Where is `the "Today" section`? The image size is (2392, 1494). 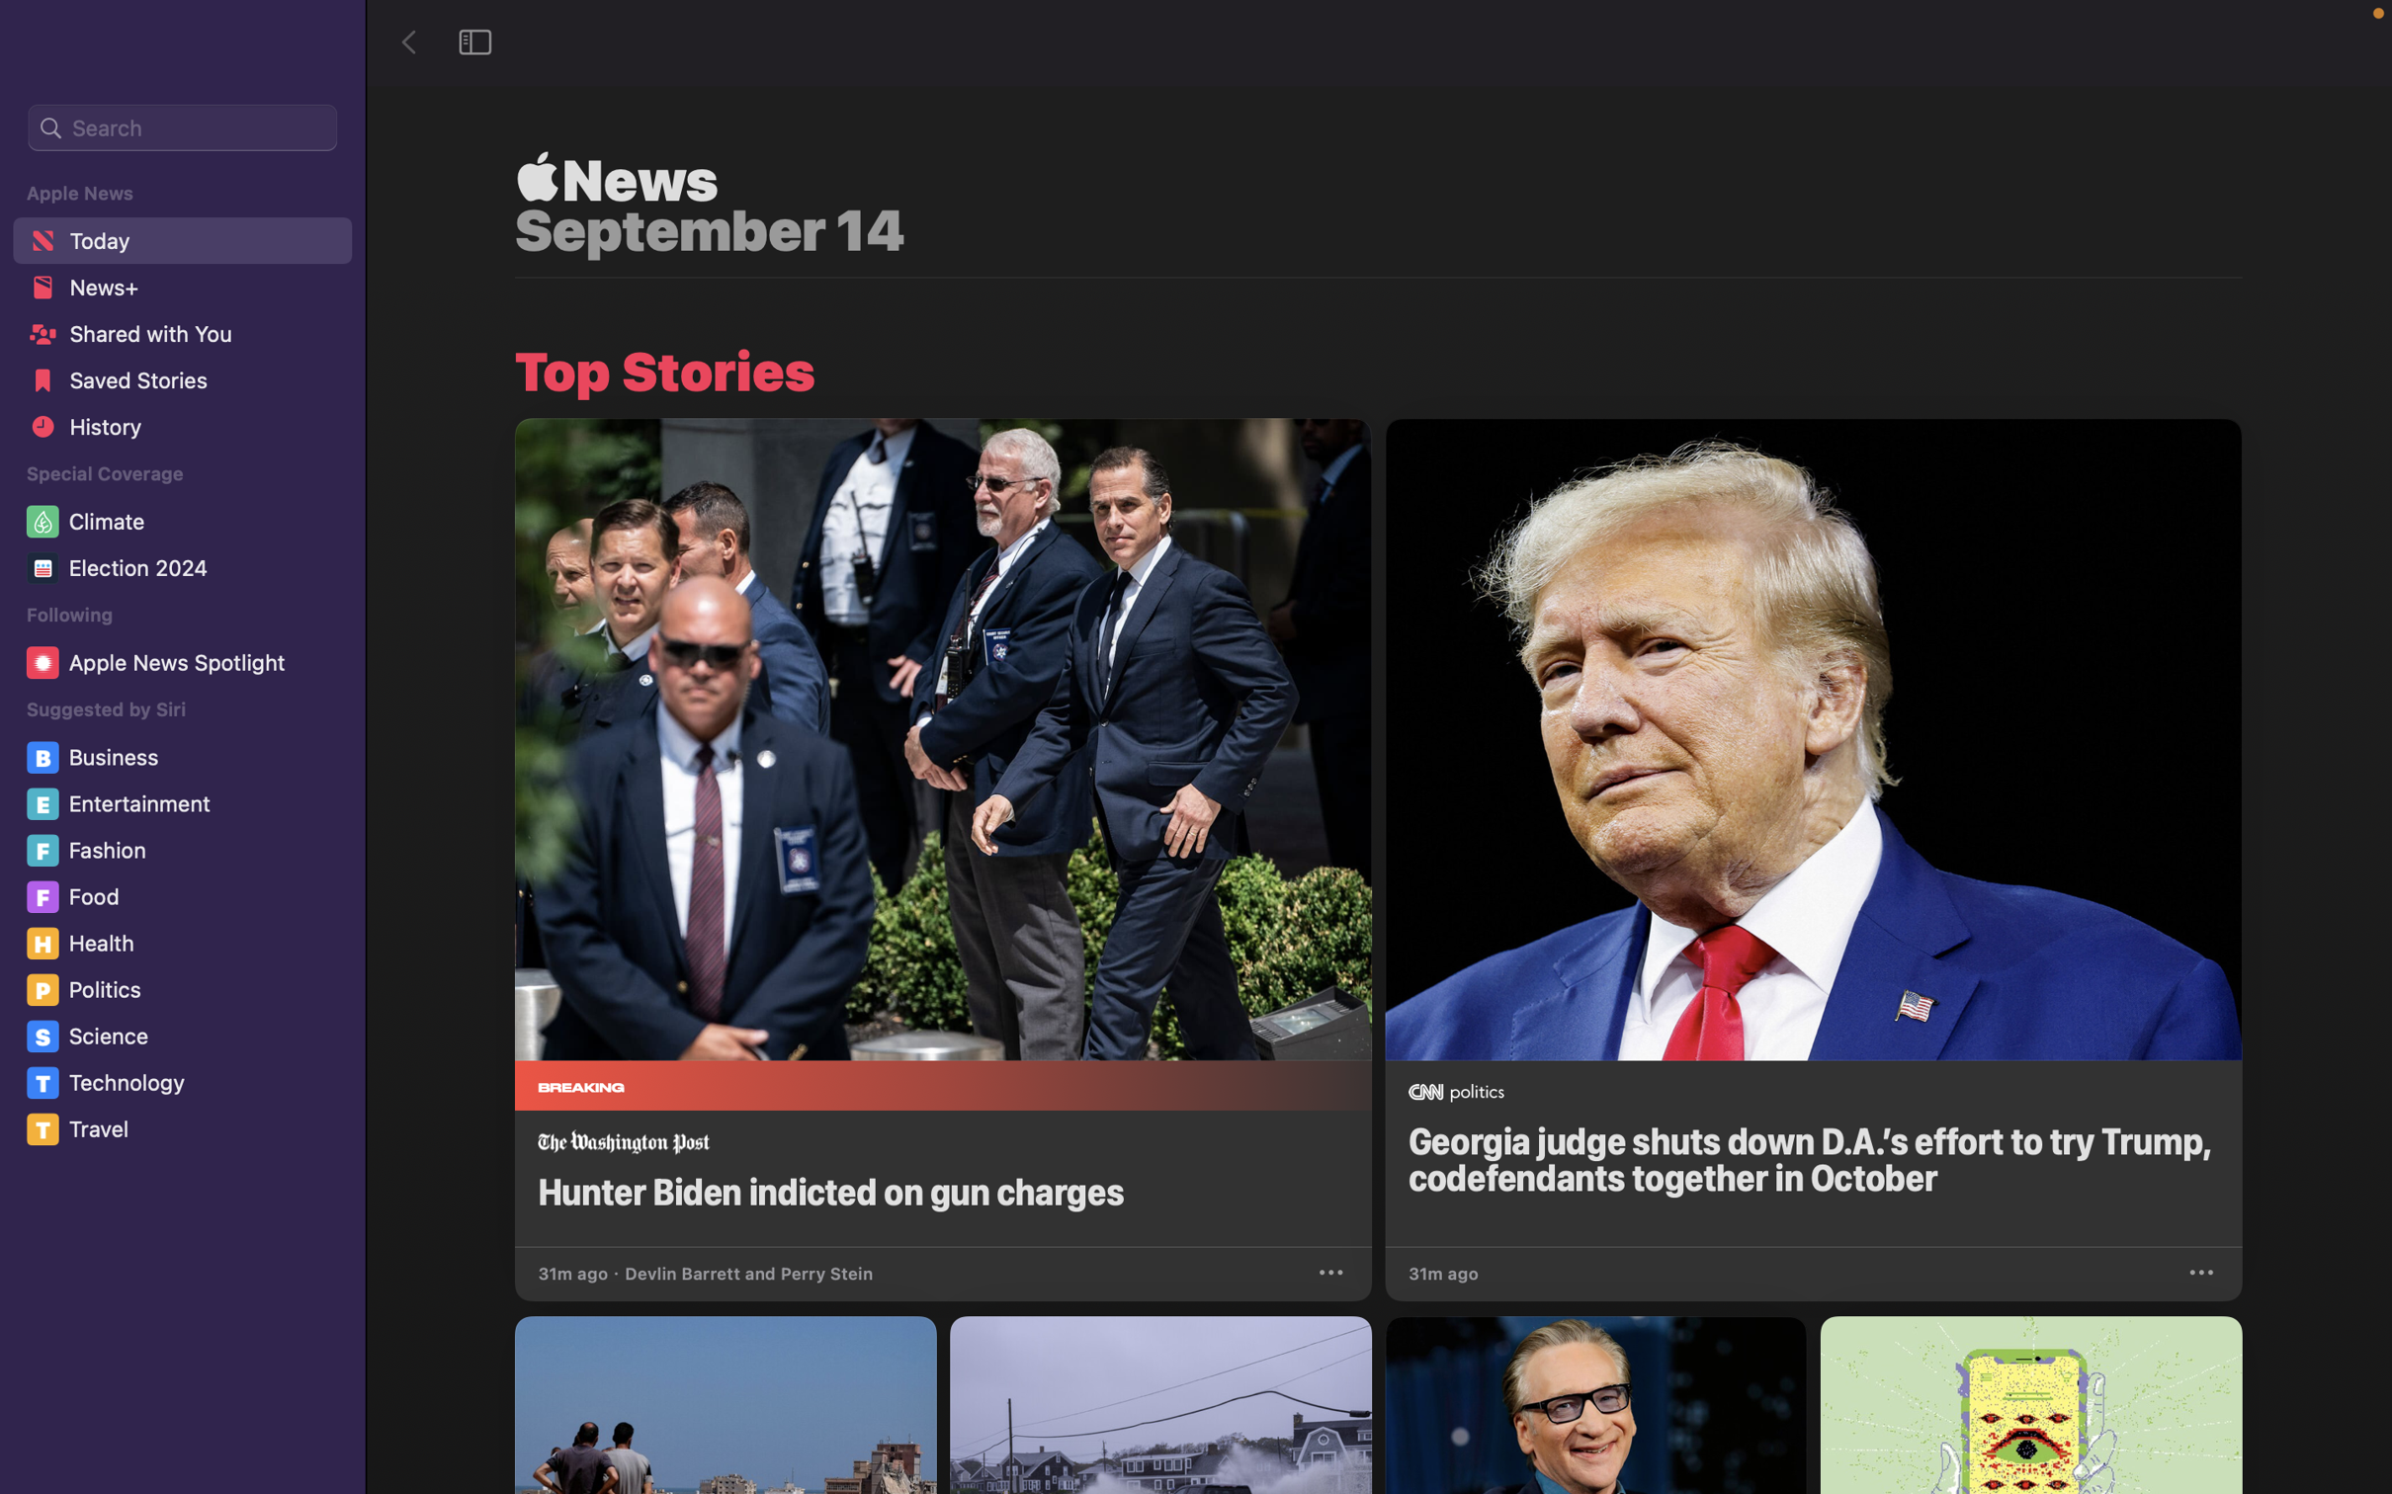
the "Today" section is located at coordinates (180, 238).